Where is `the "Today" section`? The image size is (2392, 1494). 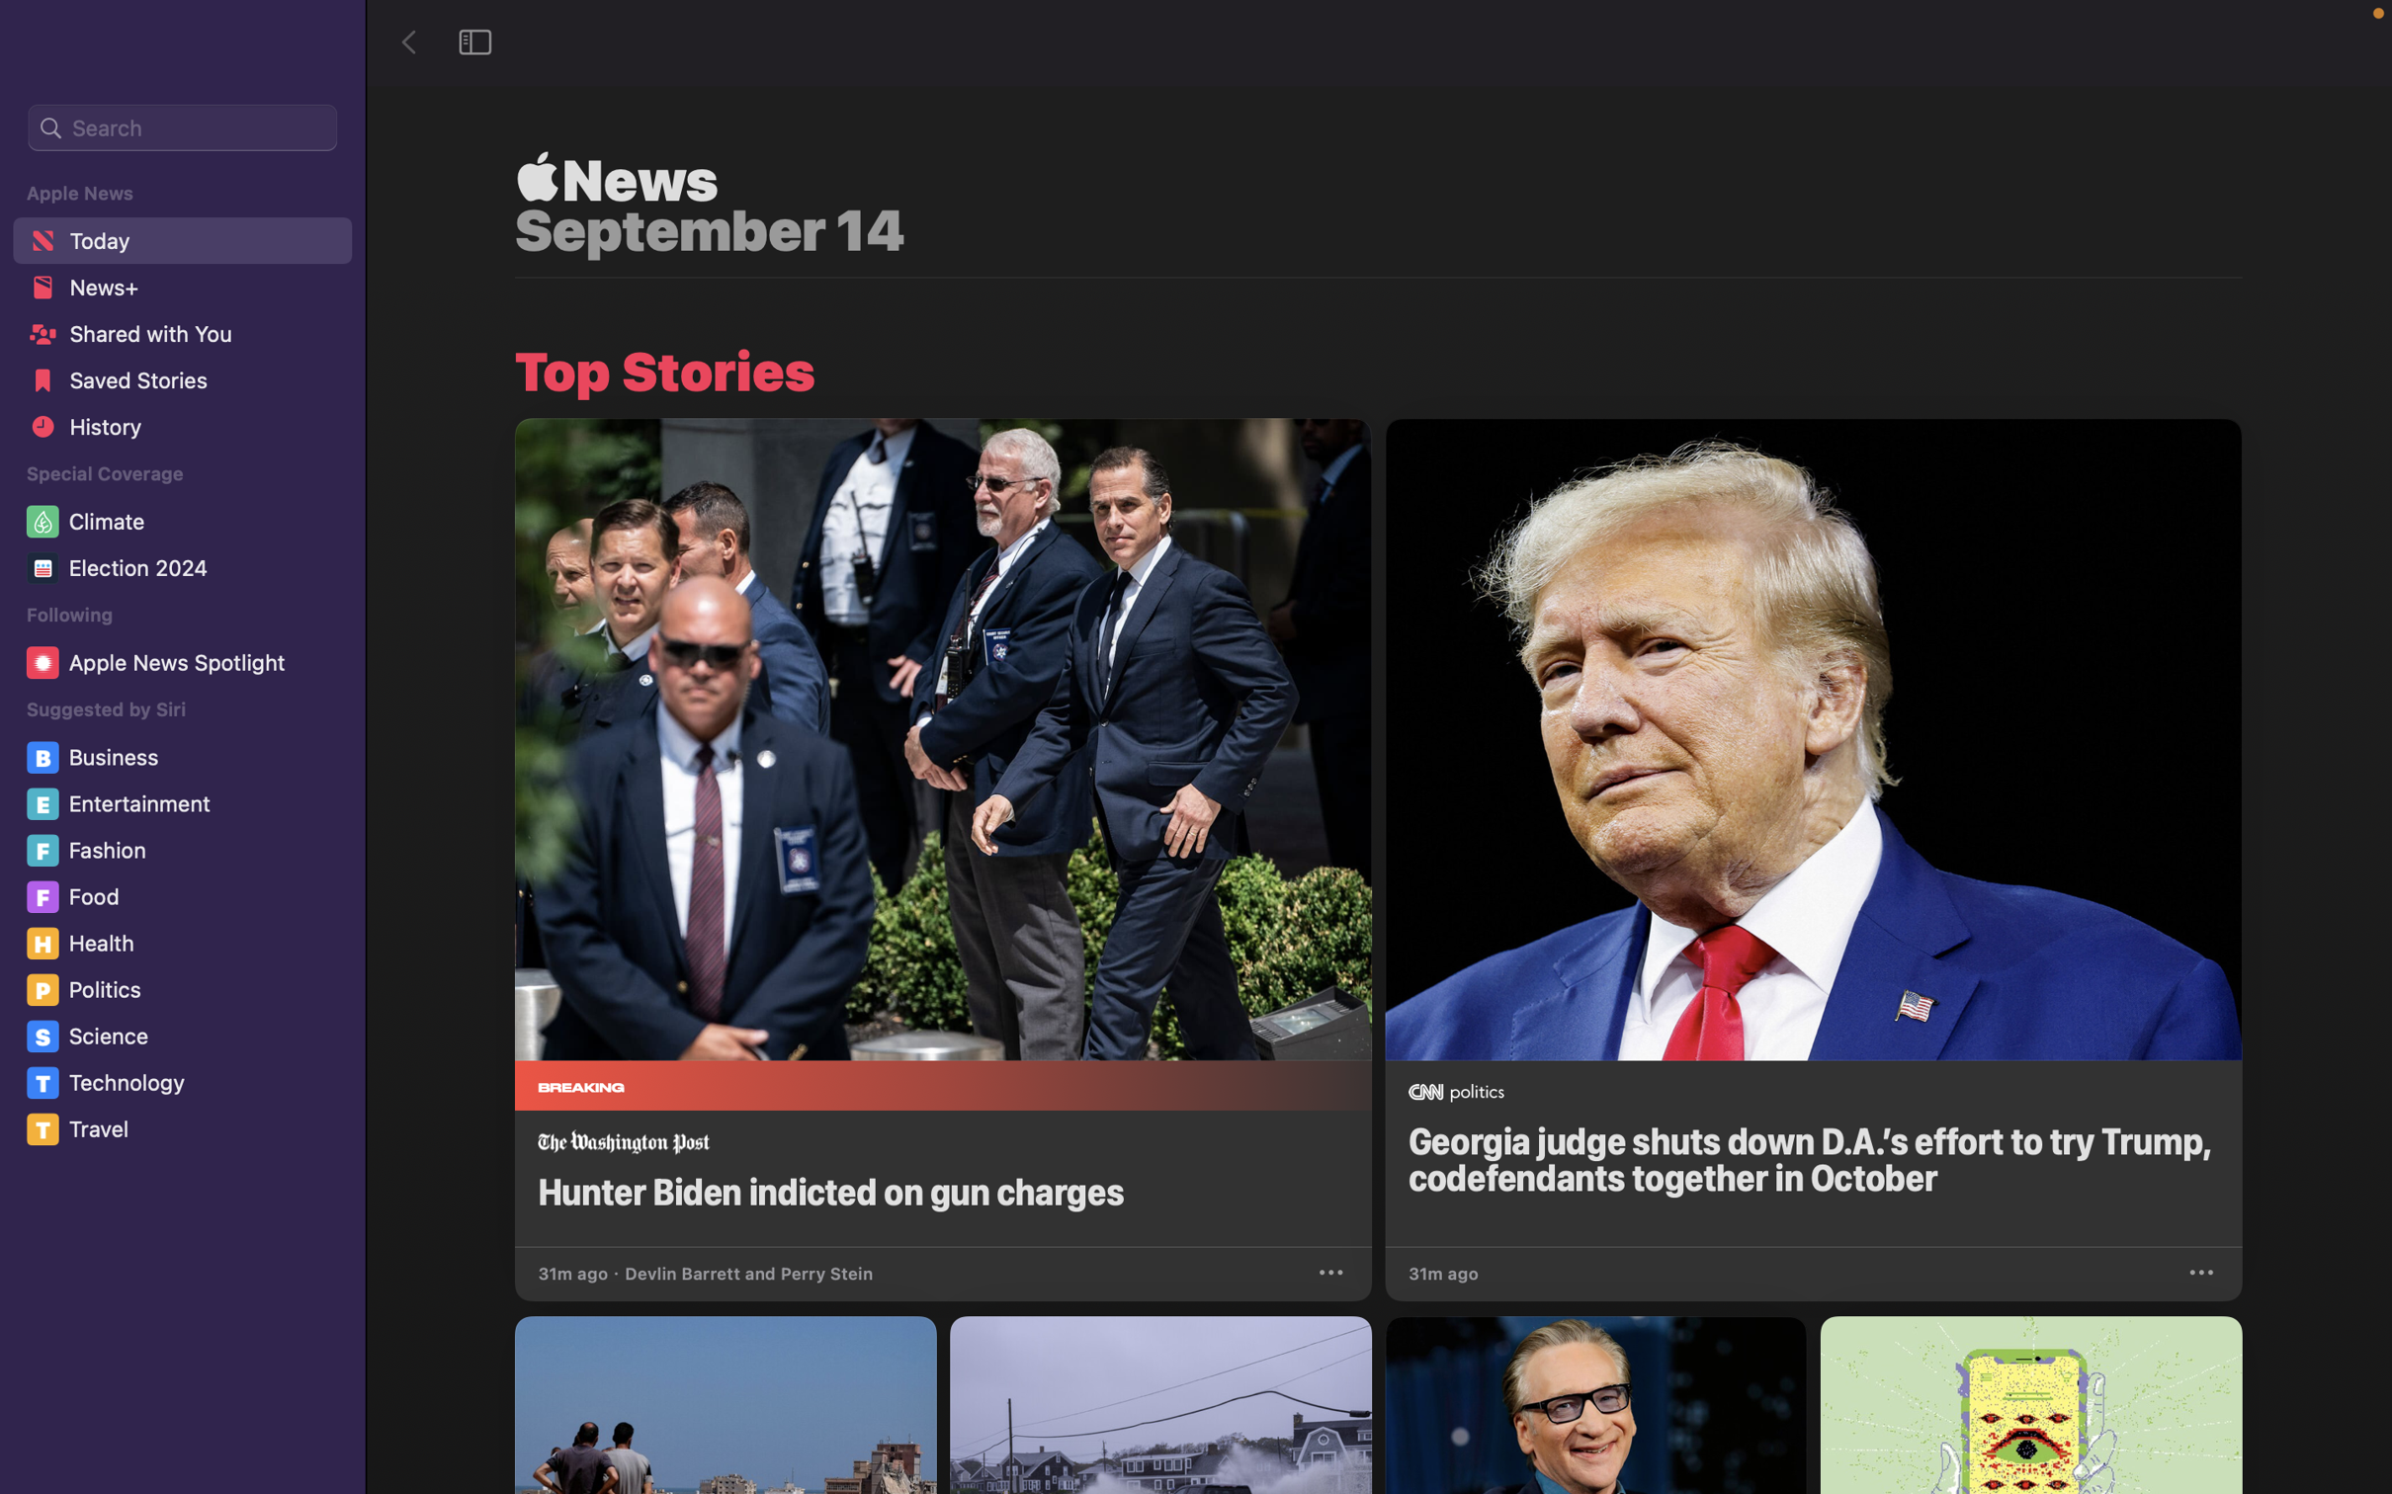
the "Today" section is located at coordinates (180, 238).